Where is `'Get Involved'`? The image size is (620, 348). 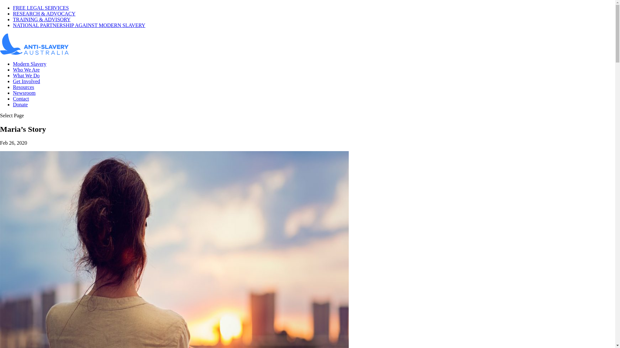 'Get Involved' is located at coordinates (26, 81).